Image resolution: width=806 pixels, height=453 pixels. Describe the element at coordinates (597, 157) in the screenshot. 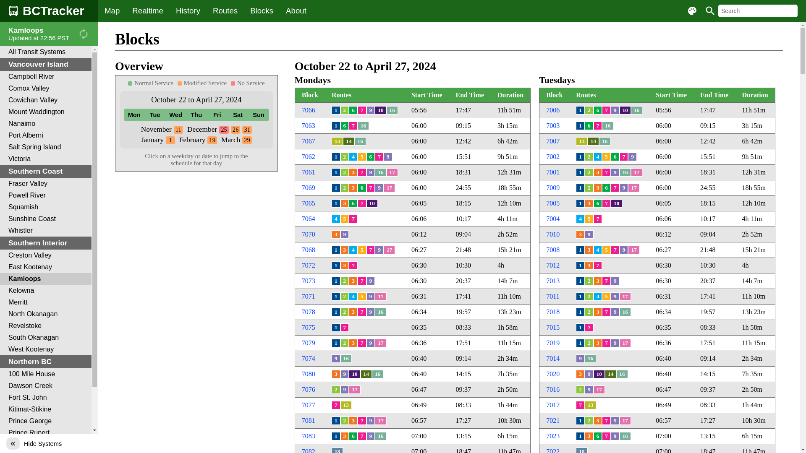

I see `'4'` at that location.